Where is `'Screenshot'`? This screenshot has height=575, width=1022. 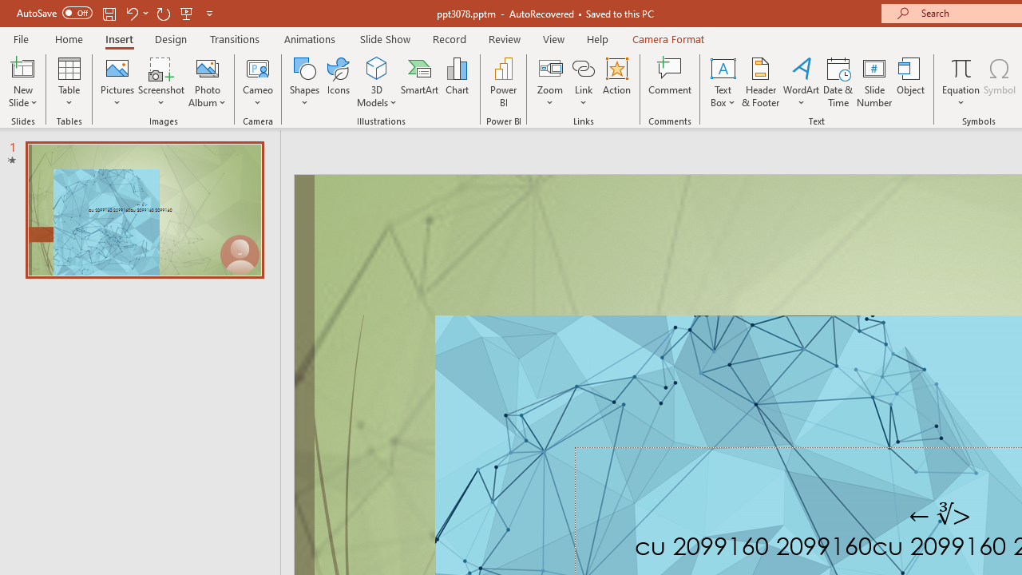
'Screenshot' is located at coordinates (161, 82).